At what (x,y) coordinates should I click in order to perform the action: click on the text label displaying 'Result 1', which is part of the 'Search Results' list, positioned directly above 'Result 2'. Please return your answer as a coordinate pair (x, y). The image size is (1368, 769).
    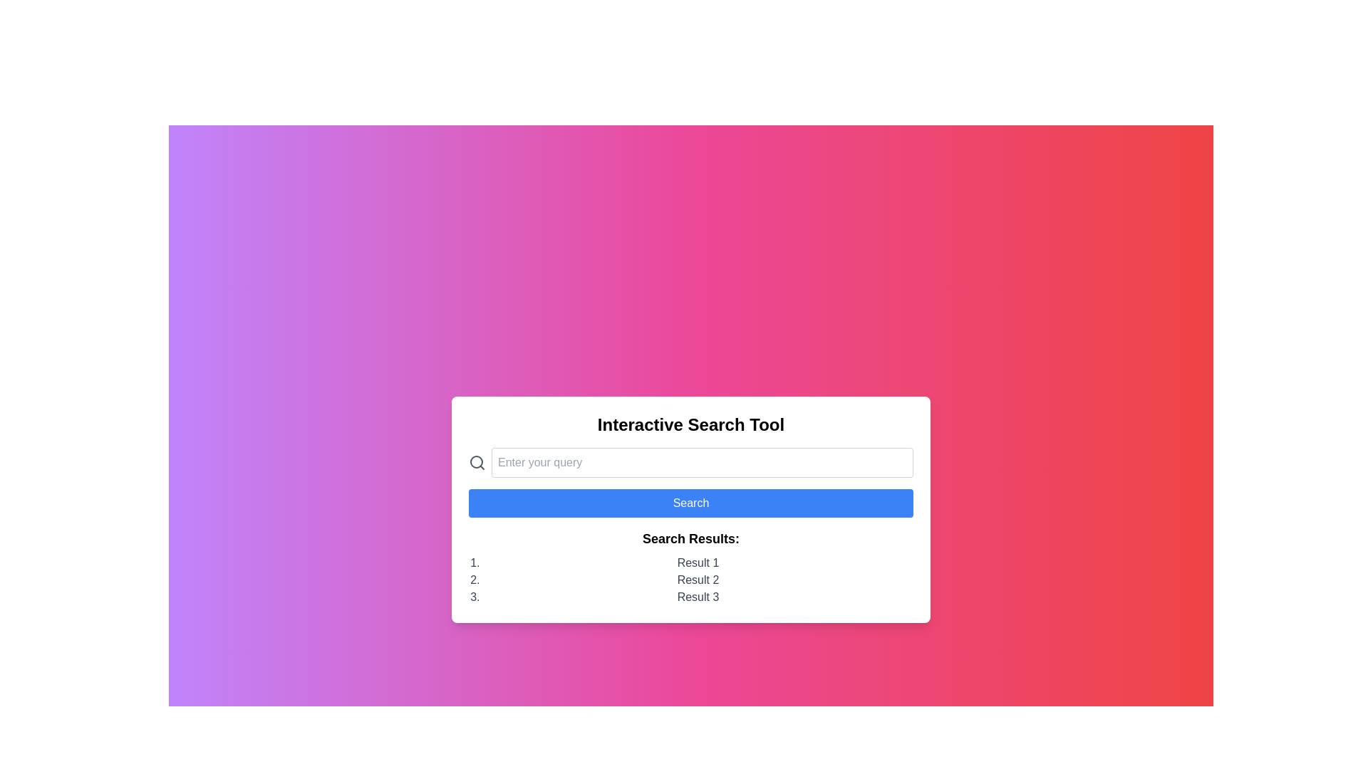
    Looking at the image, I should click on (698, 562).